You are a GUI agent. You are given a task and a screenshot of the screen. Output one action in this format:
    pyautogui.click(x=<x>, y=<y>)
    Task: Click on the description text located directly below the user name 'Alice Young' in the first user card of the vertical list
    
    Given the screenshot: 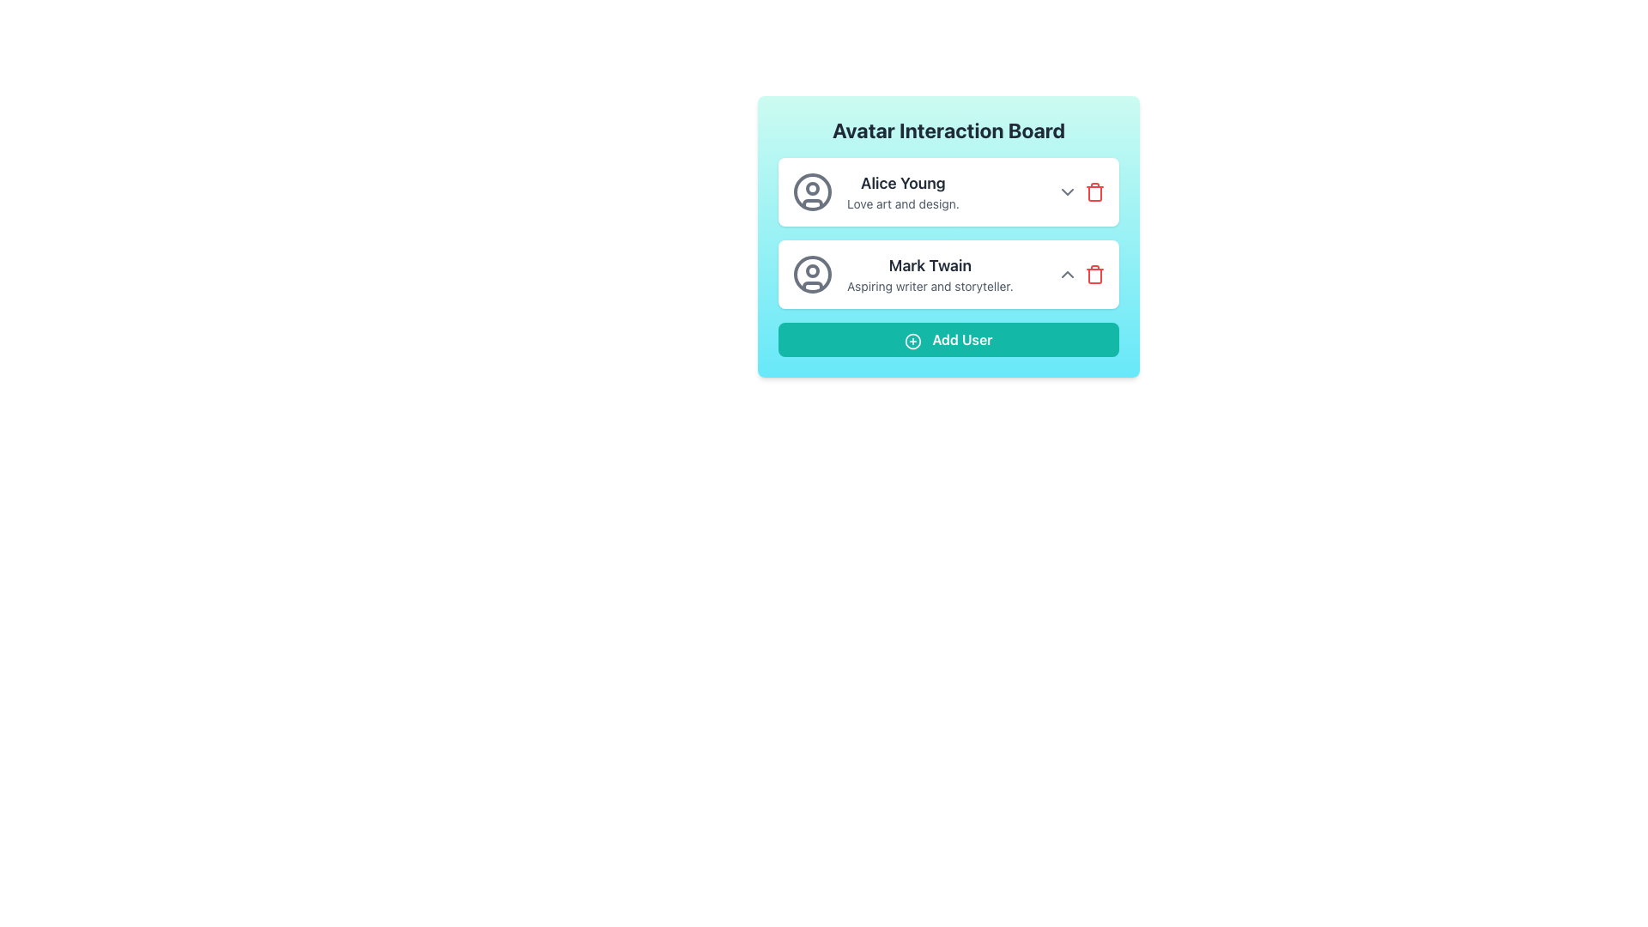 What is the action you would take?
    pyautogui.click(x=902, y=203)
    